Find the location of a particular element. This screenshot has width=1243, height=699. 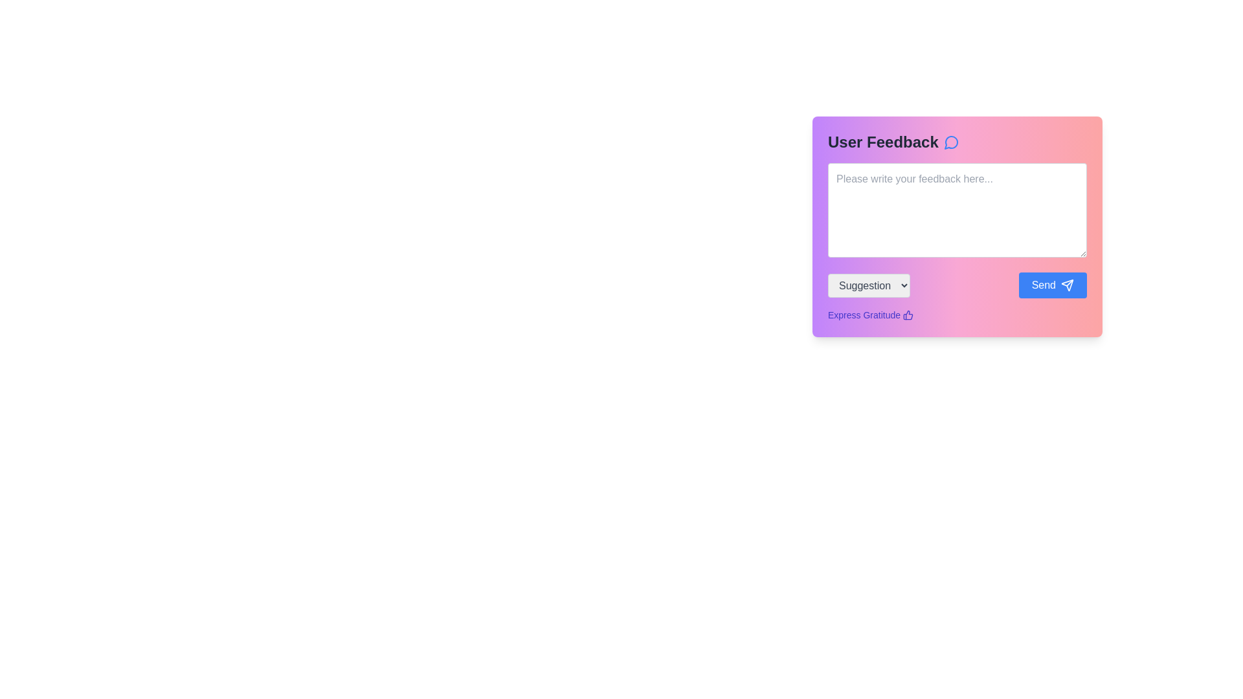

the status notification icon located in the 'User Feedback' box, adjacent to the title 'User Feedback.' is located at coordinates (951, 142).